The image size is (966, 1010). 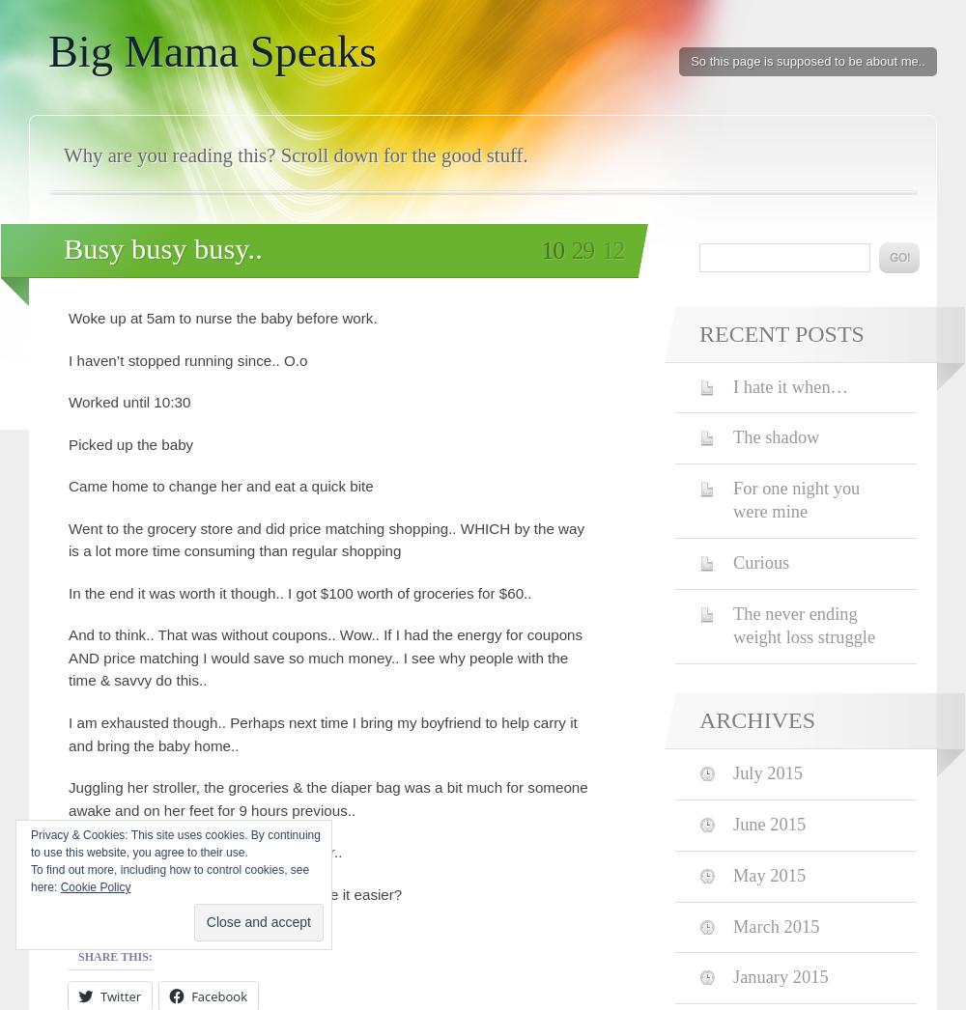 What do you see at coordinates (94, 887) in the screenshot?
I see `'Cookie Policy'` at bounding box center [94, 887].